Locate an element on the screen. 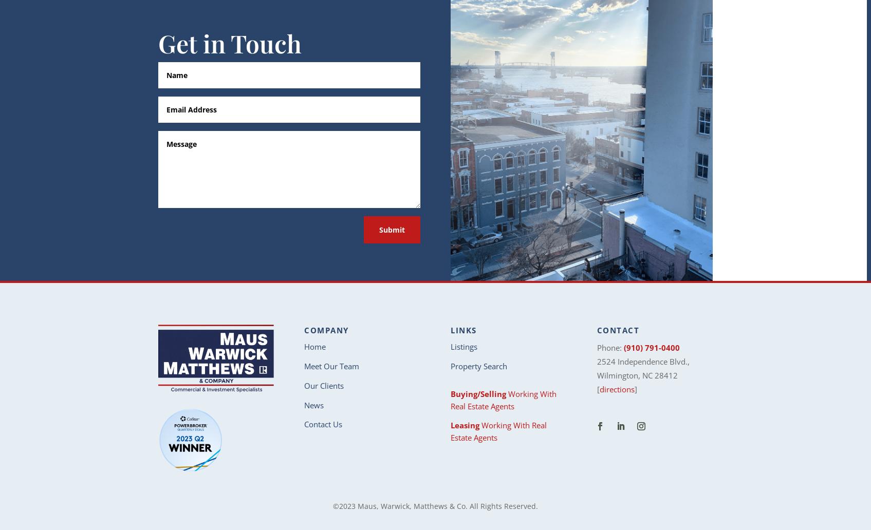  'Contact Us' is located at coordinates (323, 424).